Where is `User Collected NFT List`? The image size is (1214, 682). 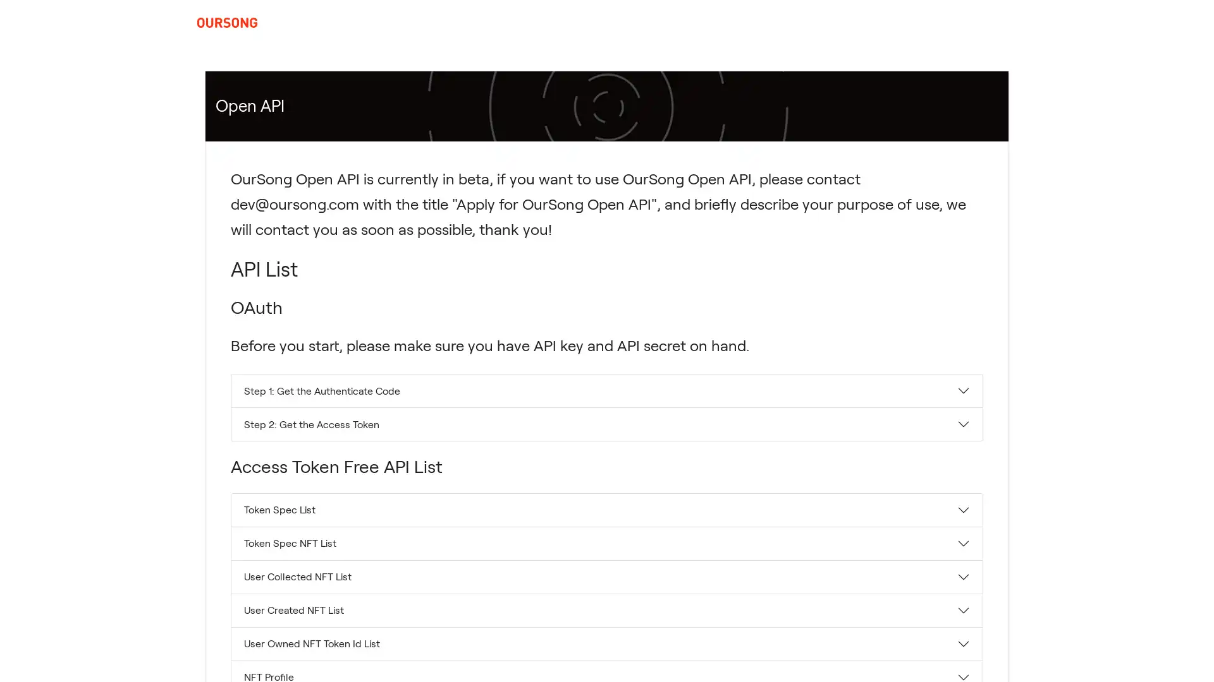 User Collected NFT List is located at coordinates (607, 577).